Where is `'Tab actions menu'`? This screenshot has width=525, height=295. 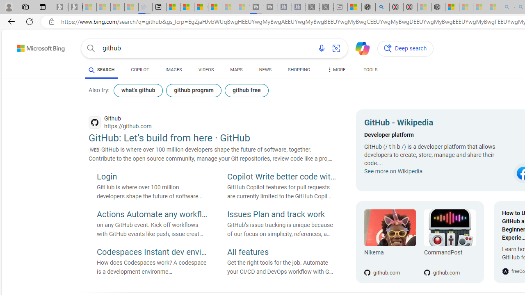 'Tab actions menu' is located at coordinates (42, 7).